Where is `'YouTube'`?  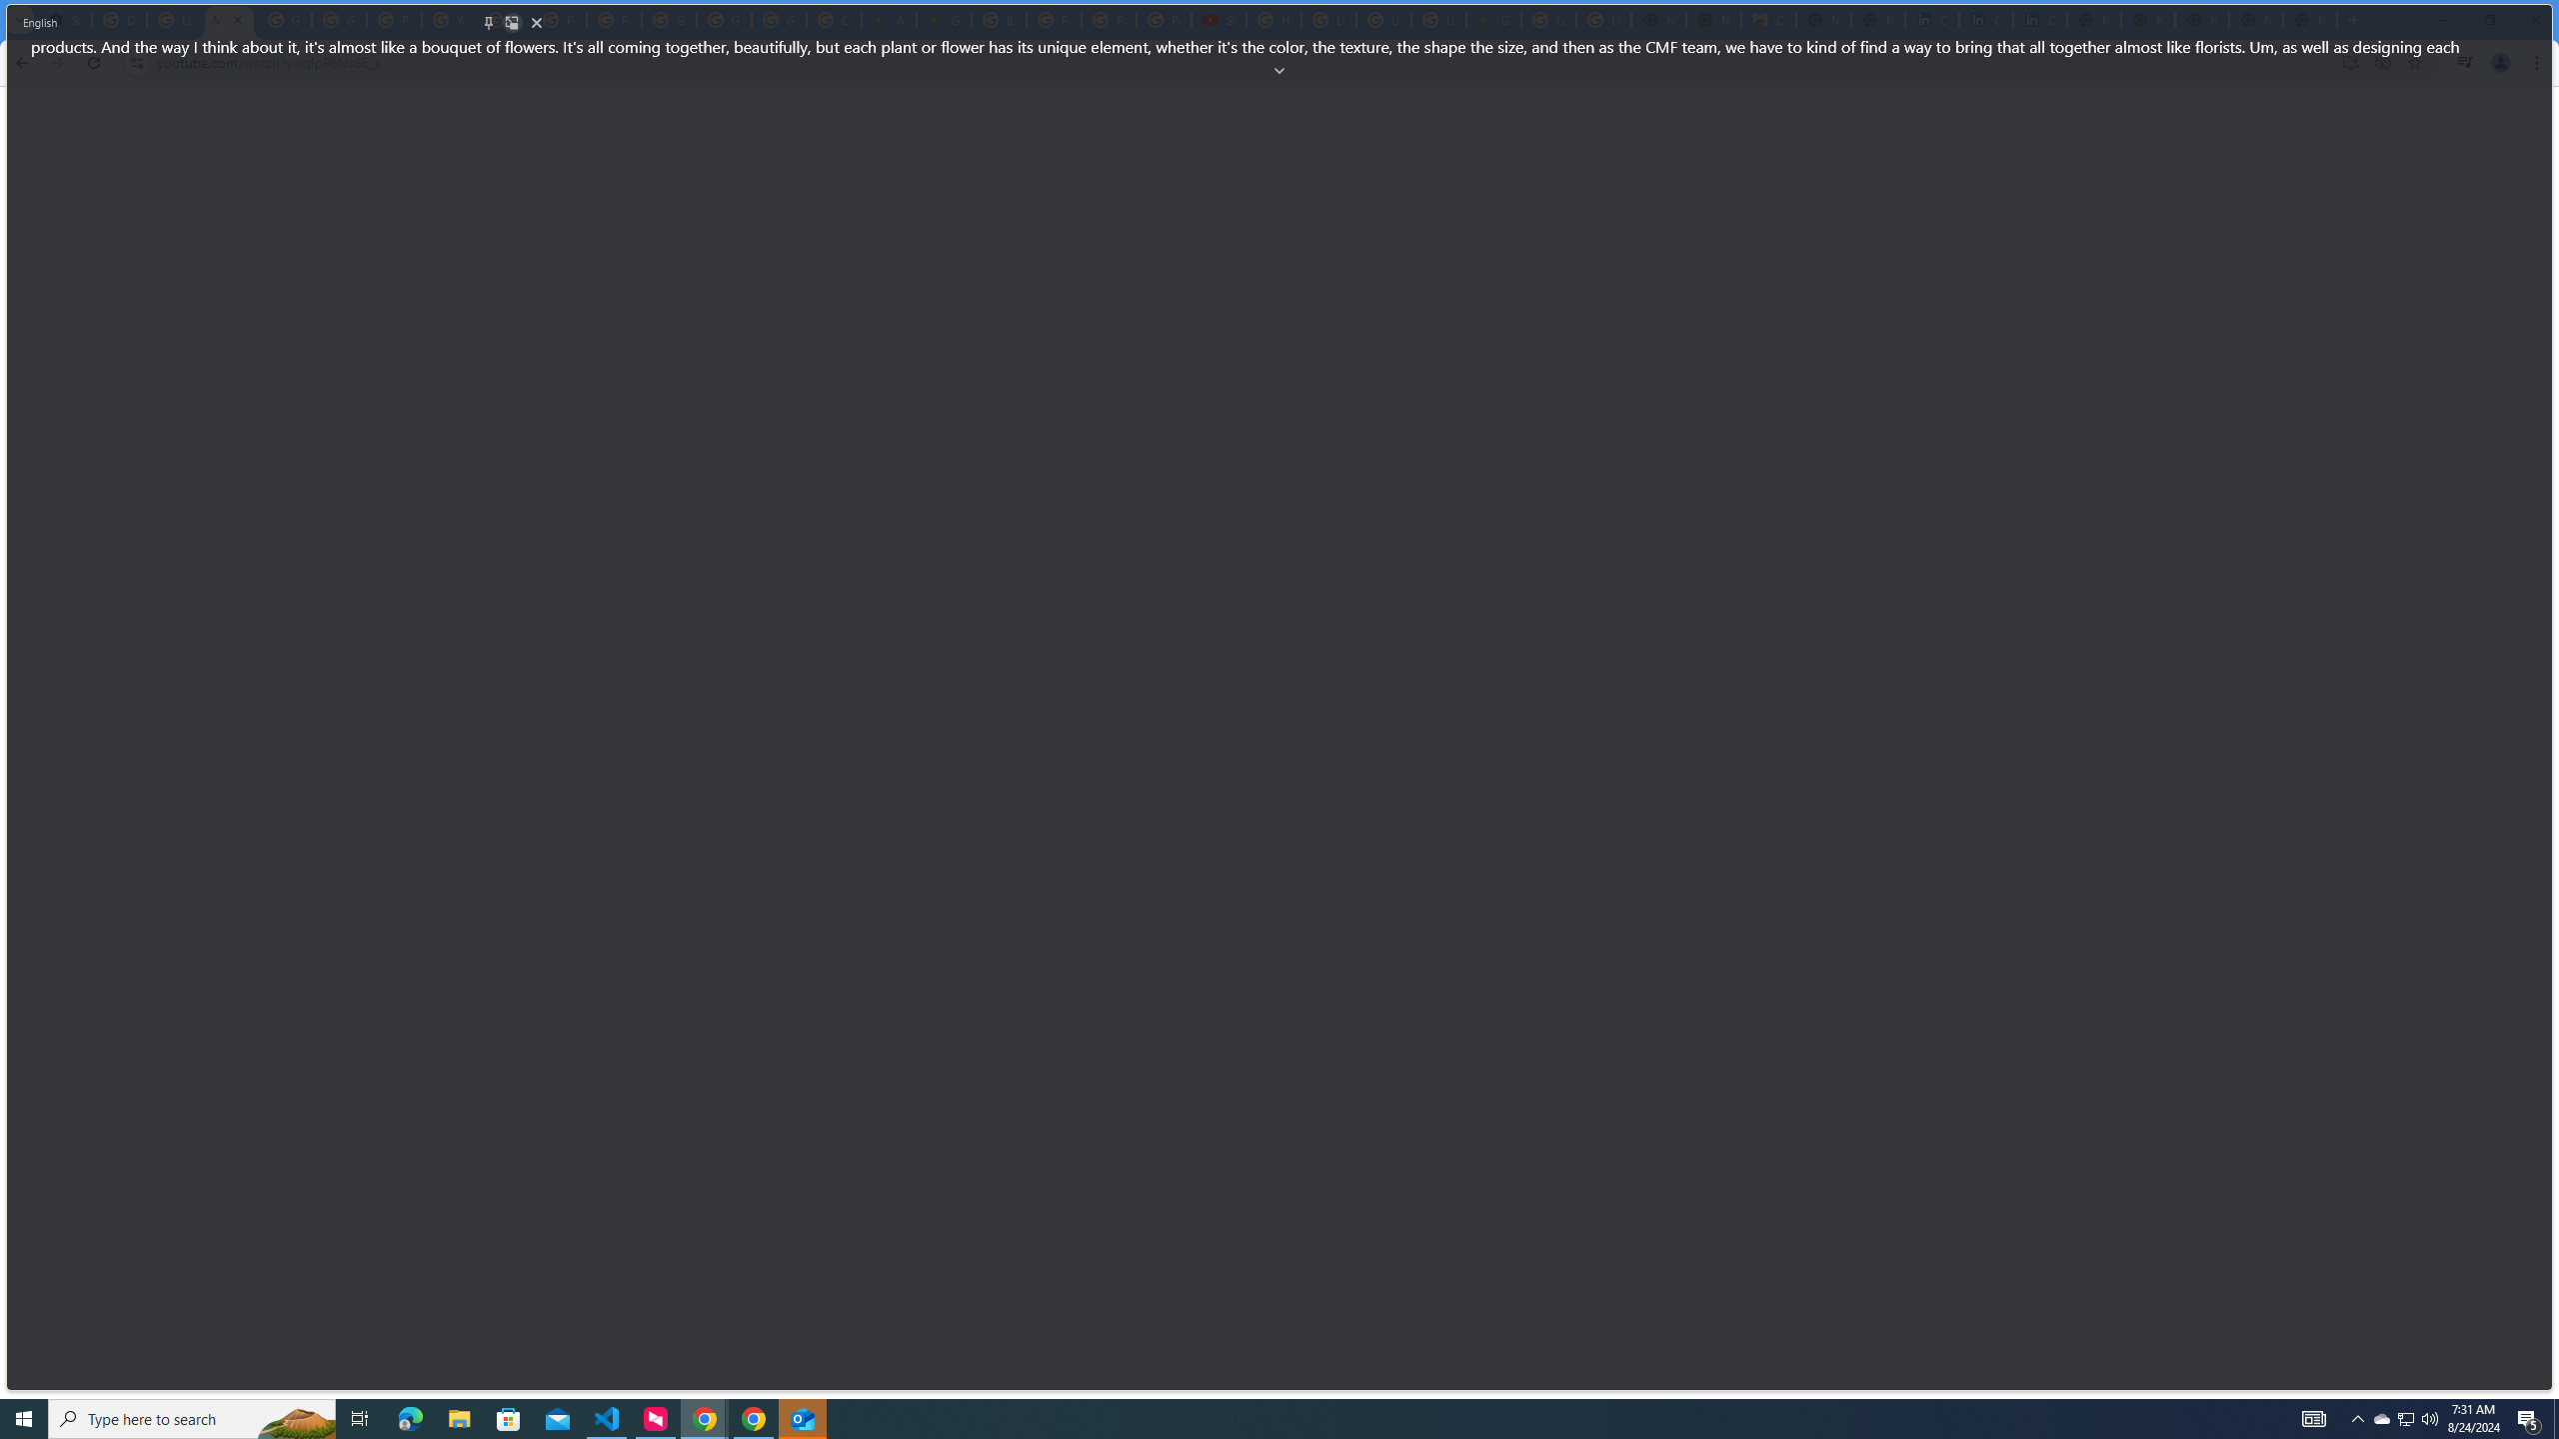
'YouTube' is located at coordinates (448, 19).